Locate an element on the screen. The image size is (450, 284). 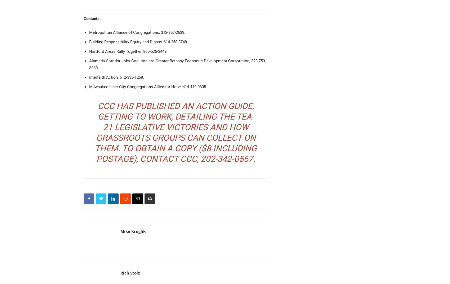
'Rich Stolz' is located at coordinates (130, 273).